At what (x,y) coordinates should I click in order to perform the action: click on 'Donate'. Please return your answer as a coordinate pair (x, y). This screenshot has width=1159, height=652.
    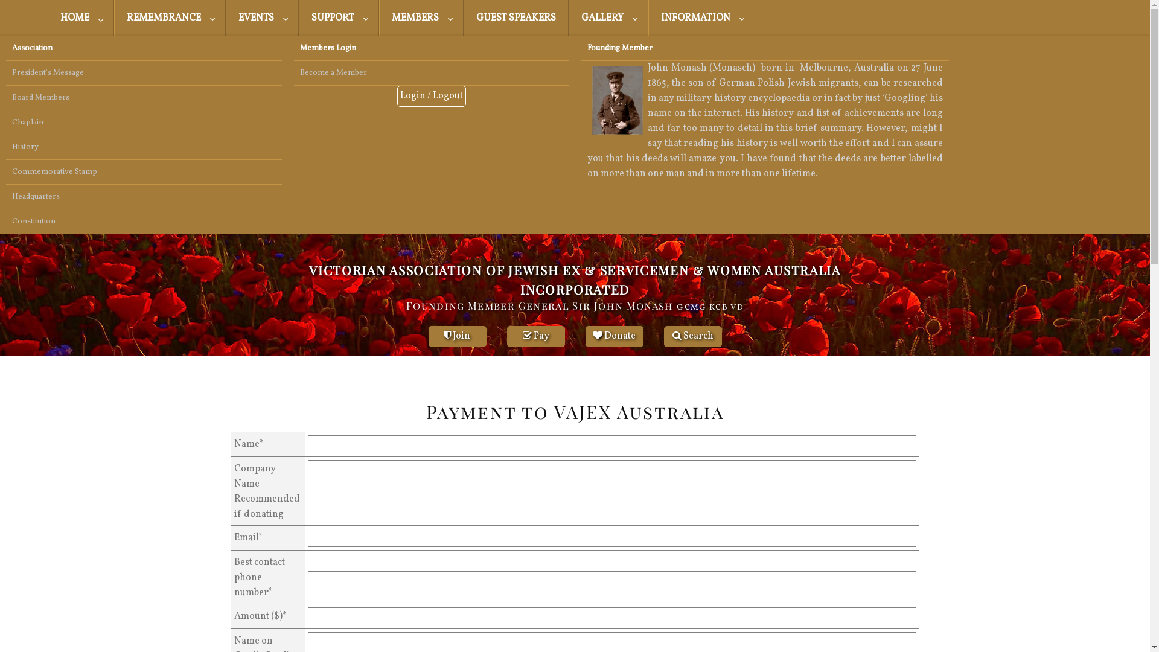
    Looking at the image, I should click on (614, 336).